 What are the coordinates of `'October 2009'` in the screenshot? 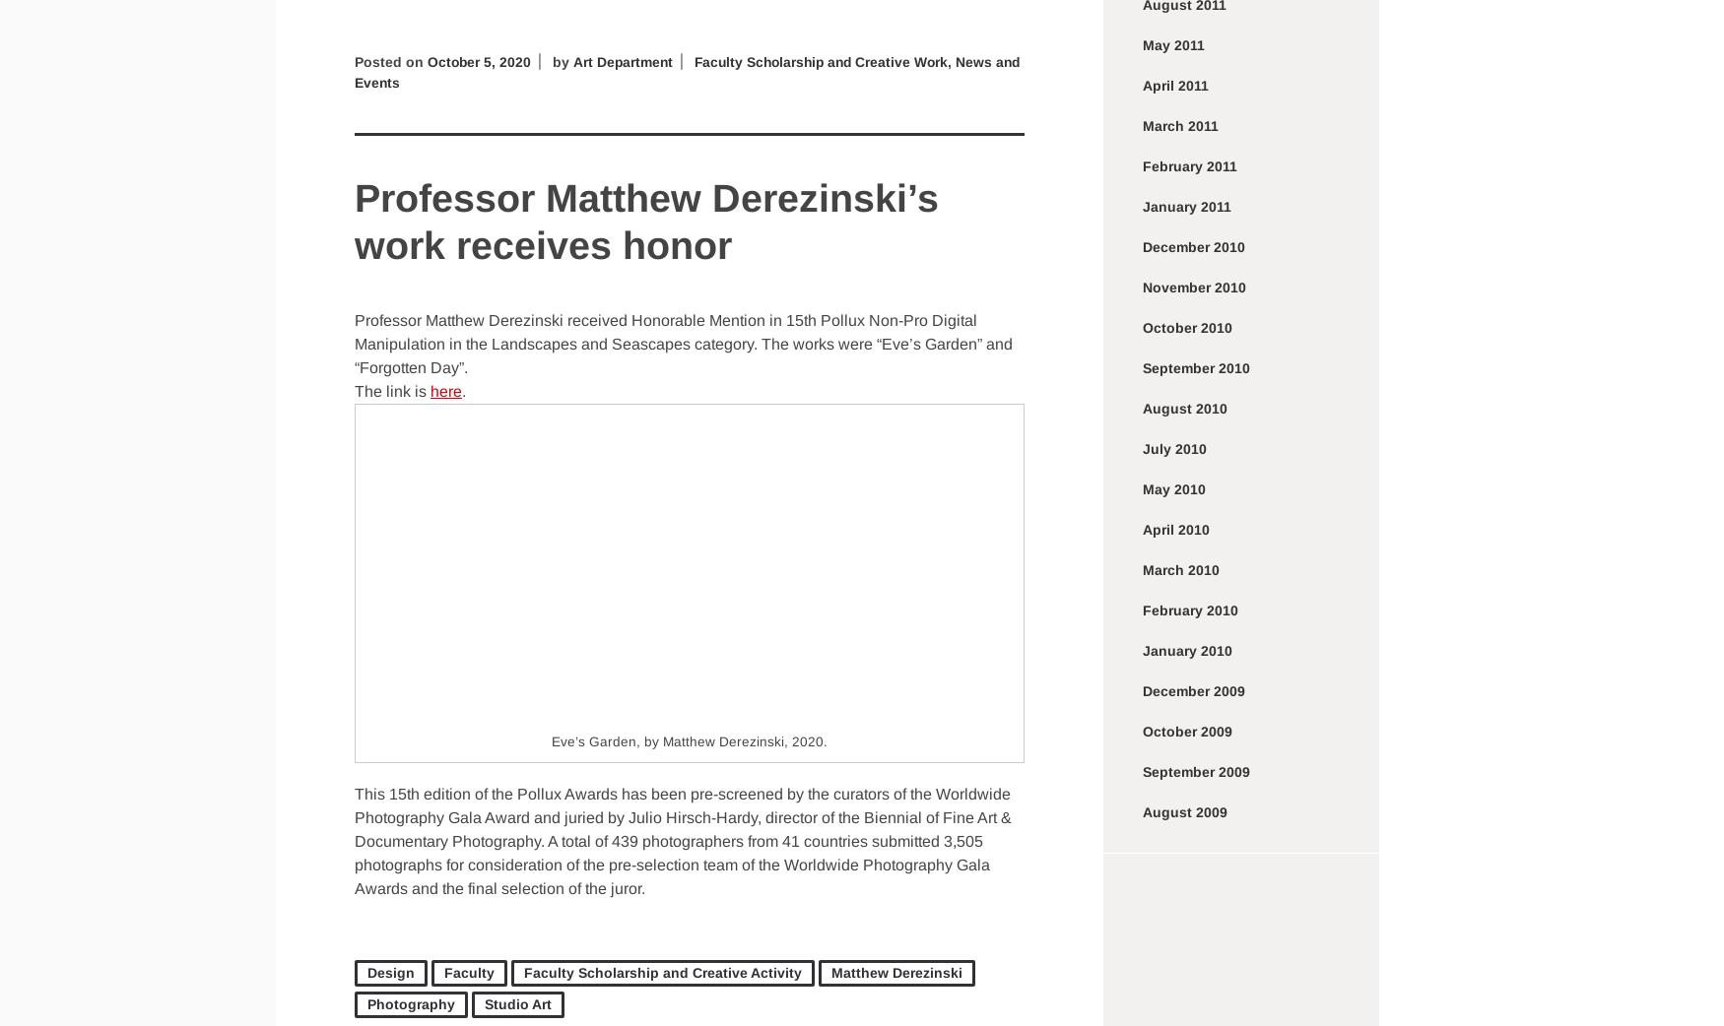 It's located at (1142, 731).